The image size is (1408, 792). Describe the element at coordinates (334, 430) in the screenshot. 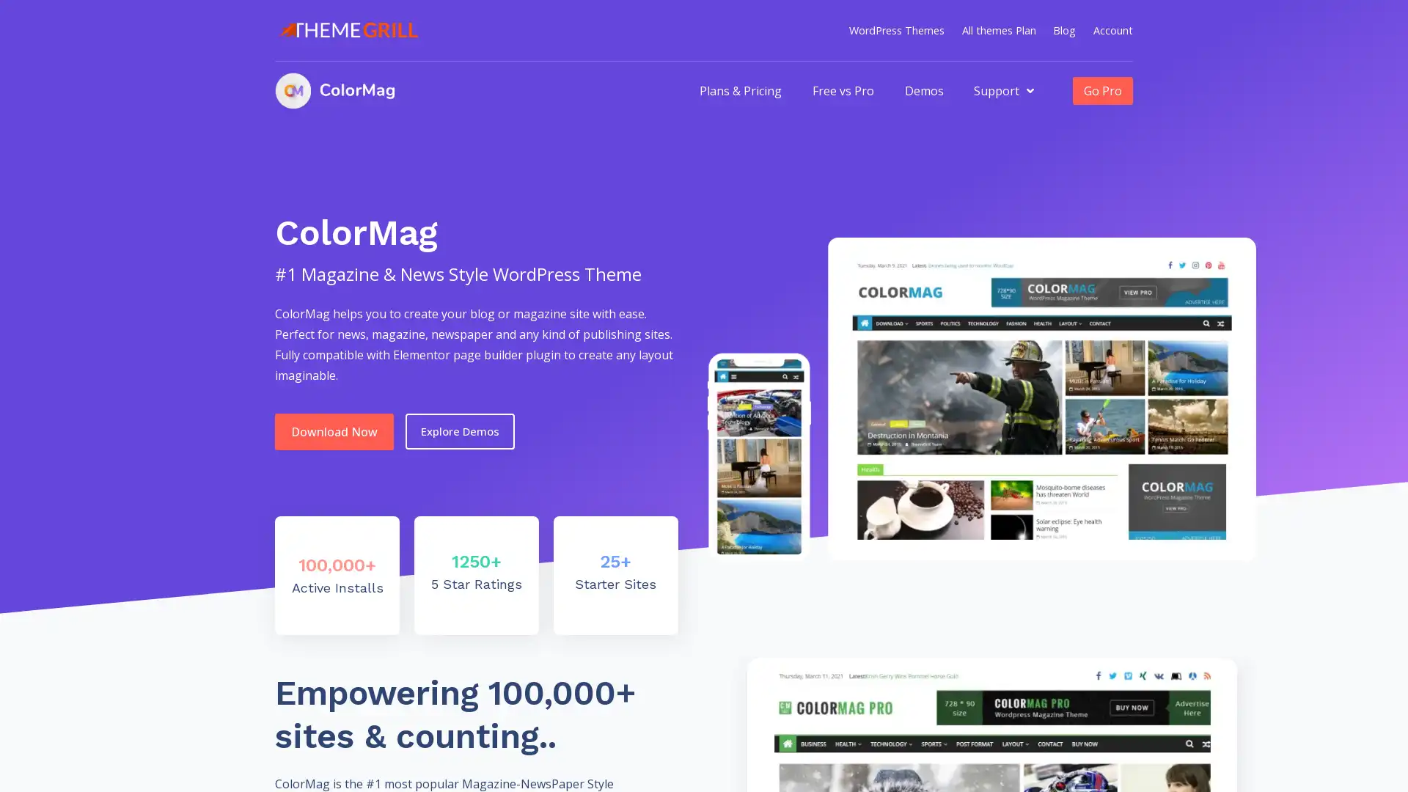

I see `Download Now` at that location.